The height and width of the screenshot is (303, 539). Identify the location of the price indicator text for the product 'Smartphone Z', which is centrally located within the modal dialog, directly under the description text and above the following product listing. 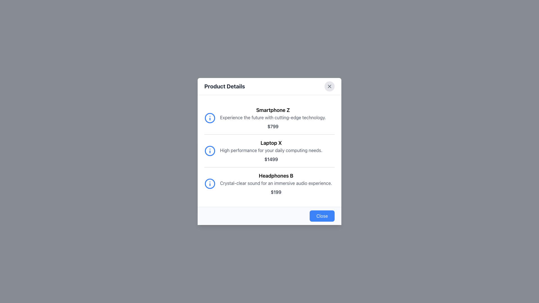
(273, 127).